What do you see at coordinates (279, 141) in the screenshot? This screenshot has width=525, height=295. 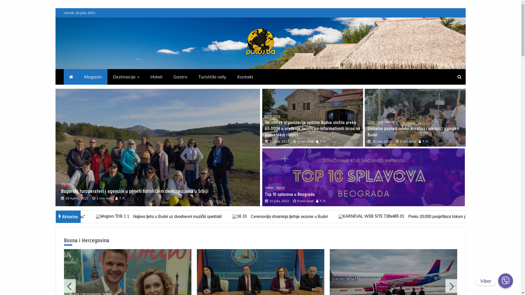 I see `'26 Jula, 2022'` at bounding box center [279, 141].